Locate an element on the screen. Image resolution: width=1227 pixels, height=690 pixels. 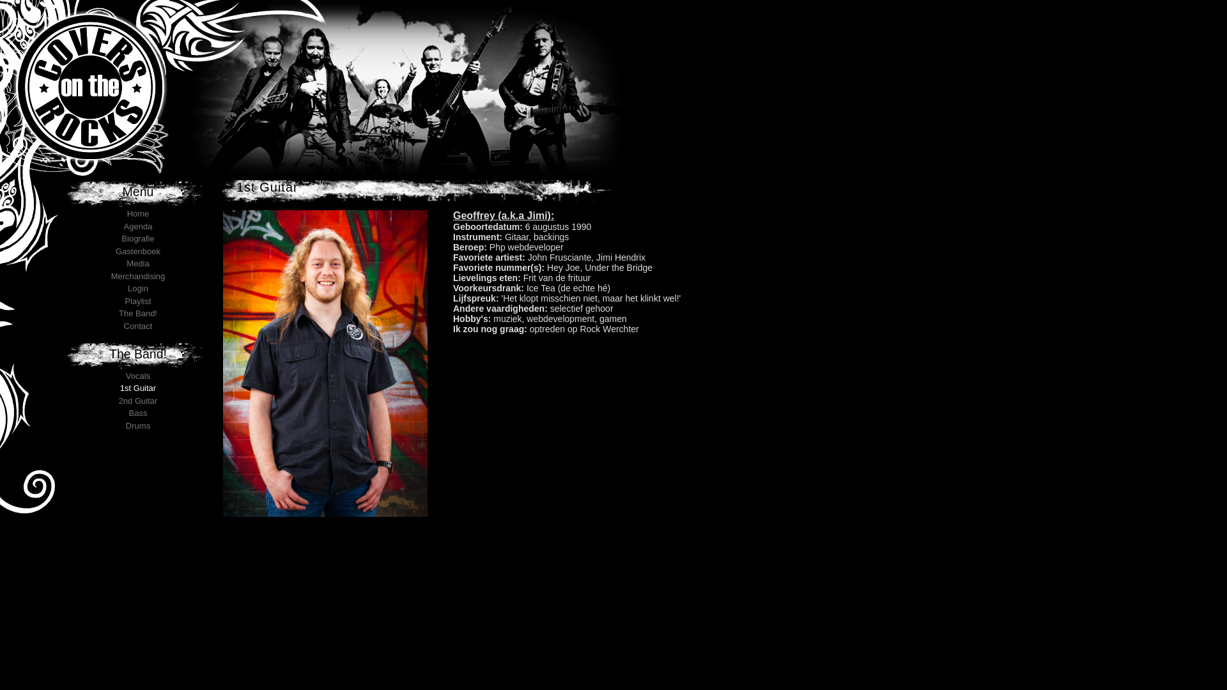
'Gastenboek' is located at coordinates (138, 251).